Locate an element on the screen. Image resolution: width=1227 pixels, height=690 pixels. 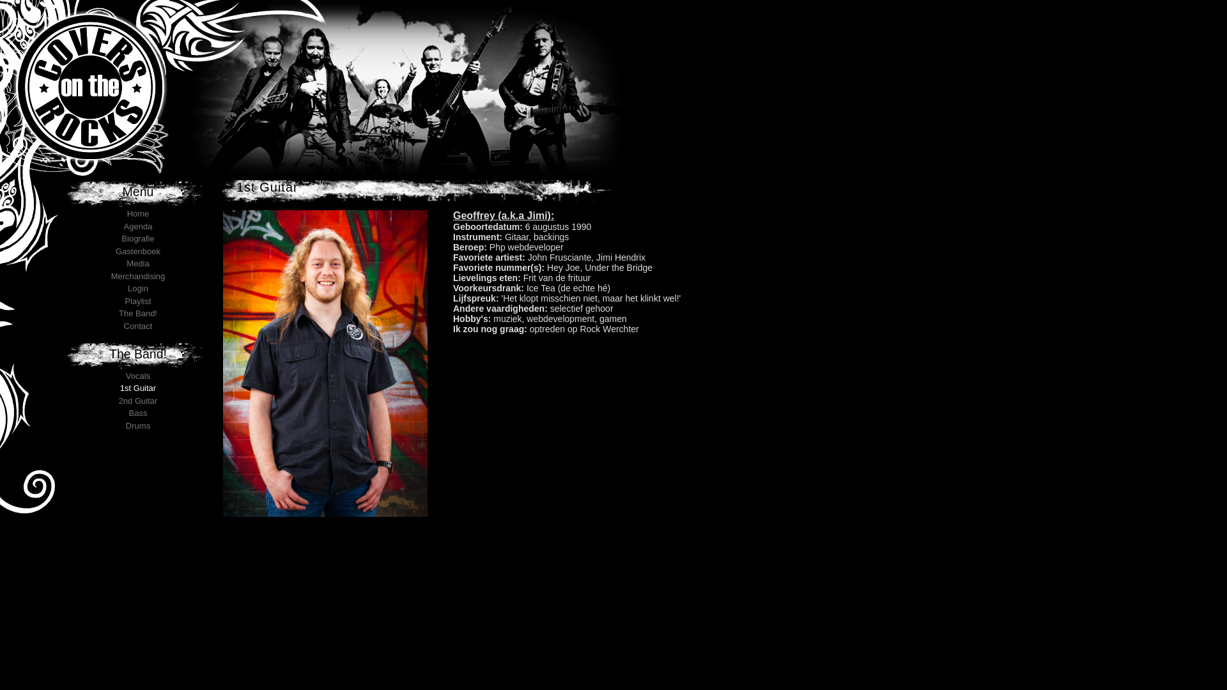
'Gastenboek' is located at coordinates (138, 251).